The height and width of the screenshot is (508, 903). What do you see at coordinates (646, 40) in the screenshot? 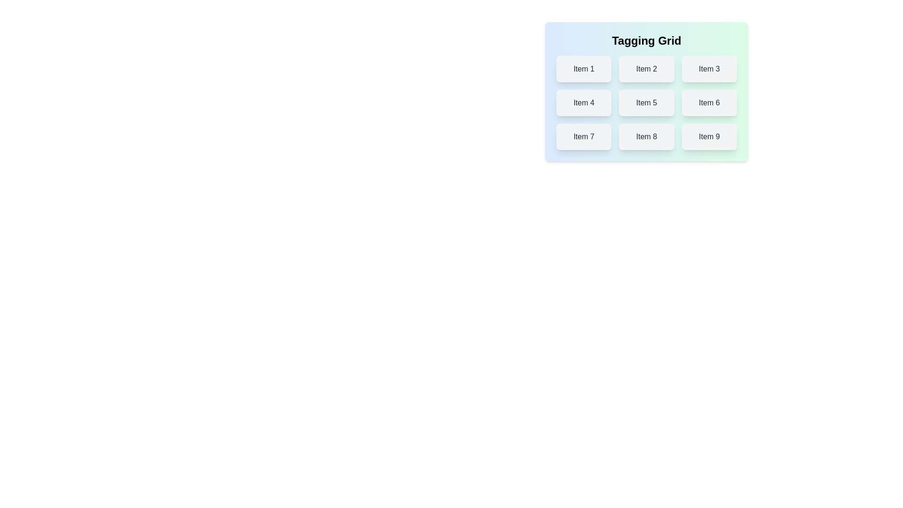
I see `the title of the Tagging Grid component` at bounding box center [646, 40].